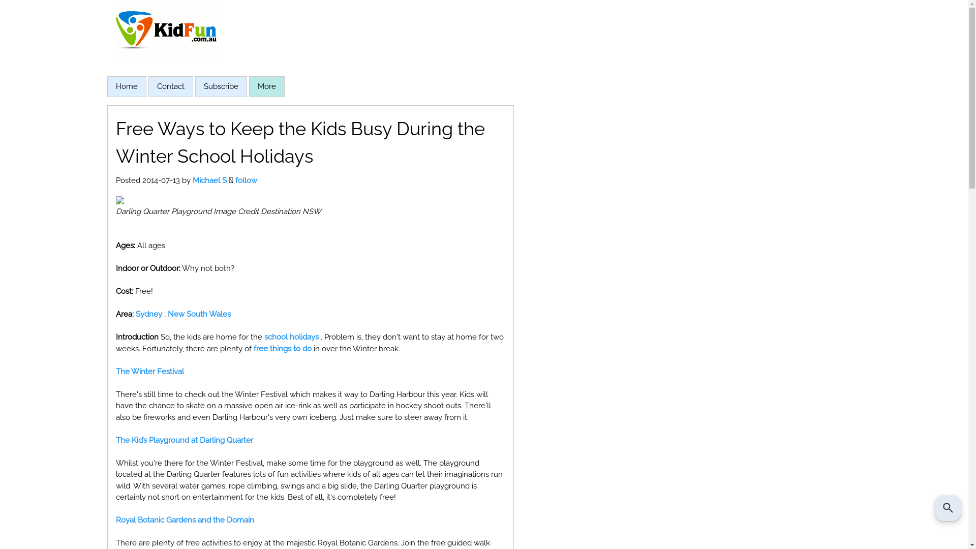 This screenshot has width=976, height=549. What do you see at coordinates (220, 85) in the screenshot?
I see `'Subscribe'` at bounding box center [220, 85].